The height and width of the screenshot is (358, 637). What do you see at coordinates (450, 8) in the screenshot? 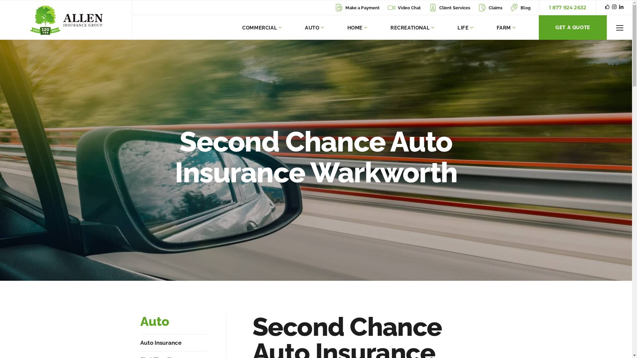
I see `'Client Services'` at bounding box center [450, 8].